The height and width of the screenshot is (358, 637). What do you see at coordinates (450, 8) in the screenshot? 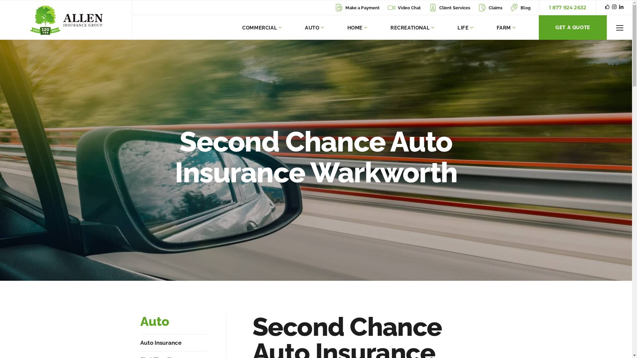
I see `'Client Services'` at bounding box center [450, 8].